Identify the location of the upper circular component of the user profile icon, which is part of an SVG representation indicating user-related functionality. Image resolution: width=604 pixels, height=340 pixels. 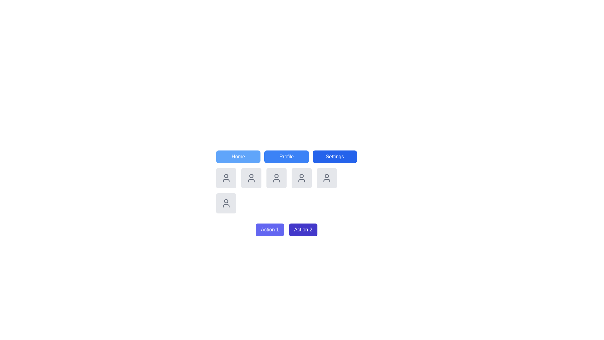
(327, 176).